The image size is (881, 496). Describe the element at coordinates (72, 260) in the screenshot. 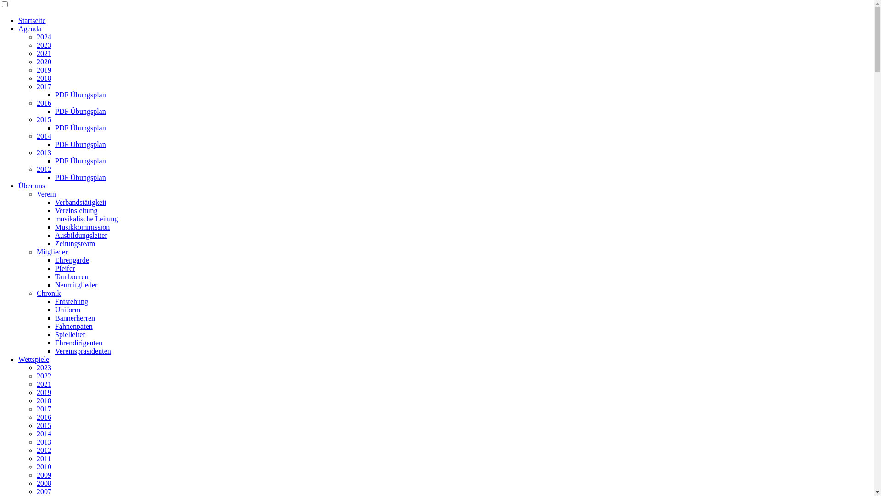

I see `'Ehrengarde'` at that location.